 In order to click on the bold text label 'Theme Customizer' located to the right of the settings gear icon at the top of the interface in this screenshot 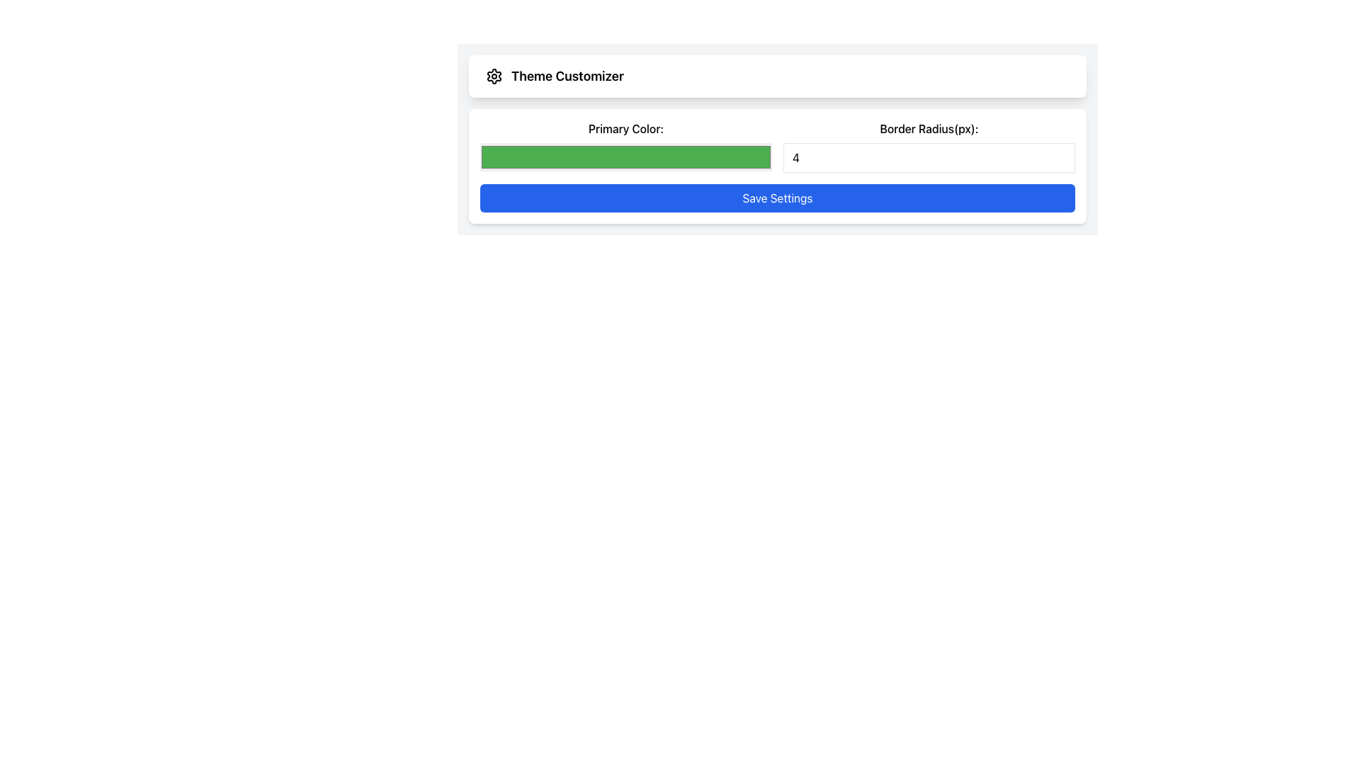, I will do `click(567, 76)`.